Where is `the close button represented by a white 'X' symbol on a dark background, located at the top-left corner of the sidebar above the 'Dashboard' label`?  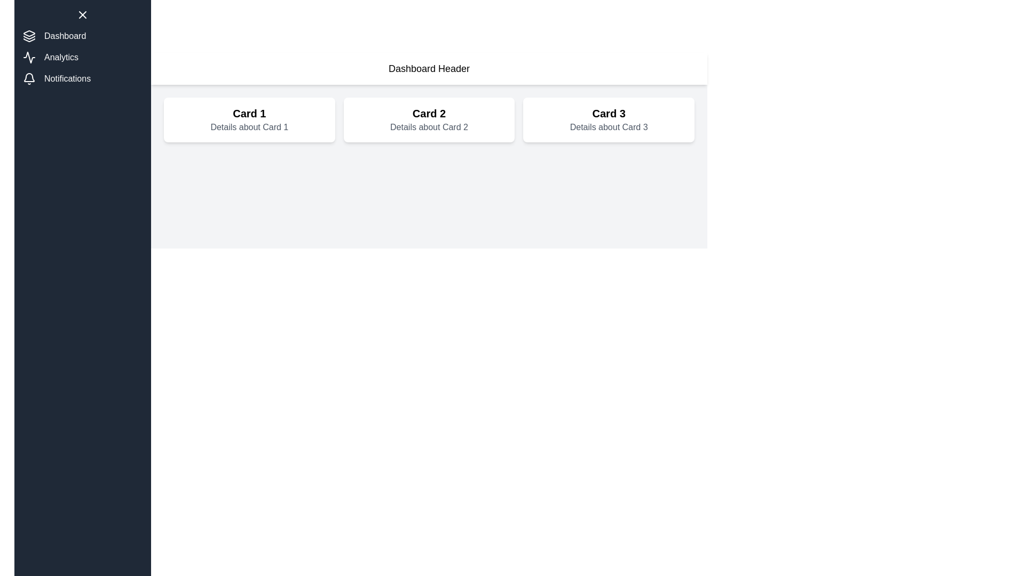
the close button represented by a white 'X' symbol on a dark background, located at the top-left corner of the sidebar above the 'Dashboard' label is located at coordinates (82, 14).